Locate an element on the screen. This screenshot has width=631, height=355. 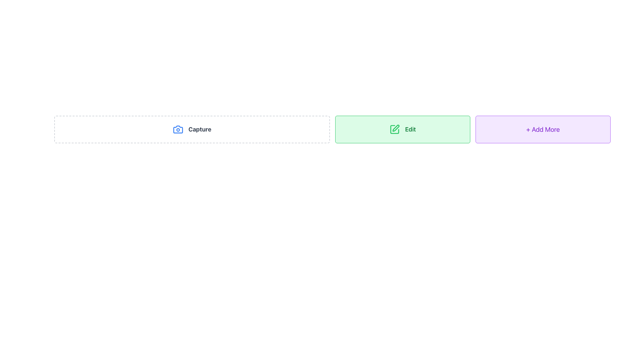
the 'Edit' button, which is the second interactive block in a horizontal layout, positioned between 'Capture' and '+ Add More' is located at coordinates (402, 129).